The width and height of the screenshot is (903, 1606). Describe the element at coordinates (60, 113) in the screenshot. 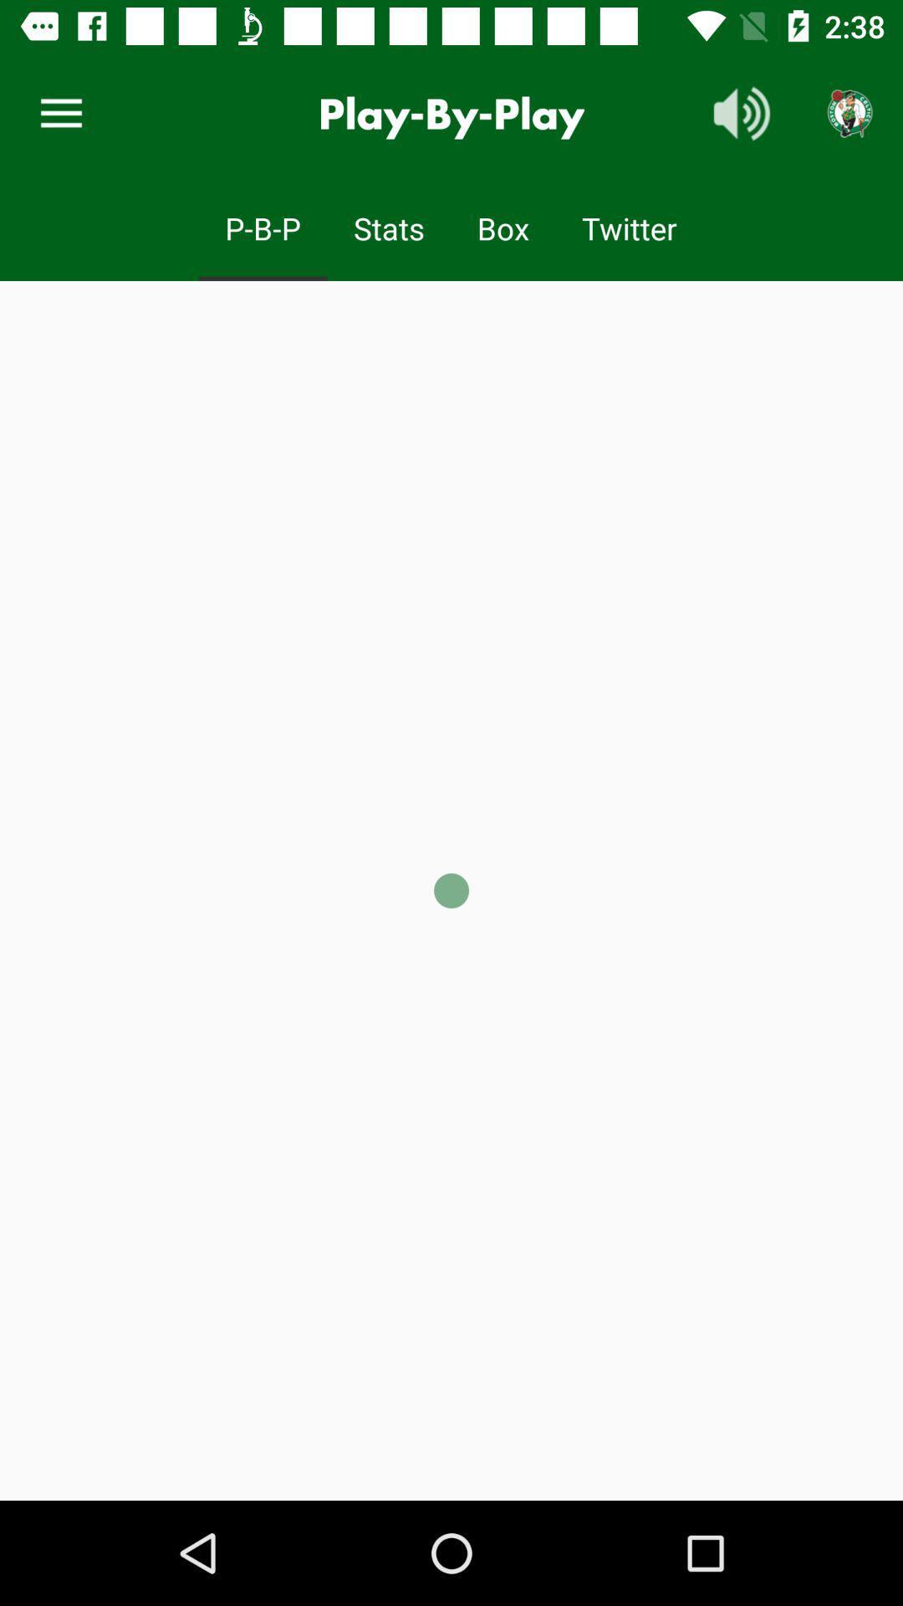

I see `item next to the play-by-play icon` at that location.